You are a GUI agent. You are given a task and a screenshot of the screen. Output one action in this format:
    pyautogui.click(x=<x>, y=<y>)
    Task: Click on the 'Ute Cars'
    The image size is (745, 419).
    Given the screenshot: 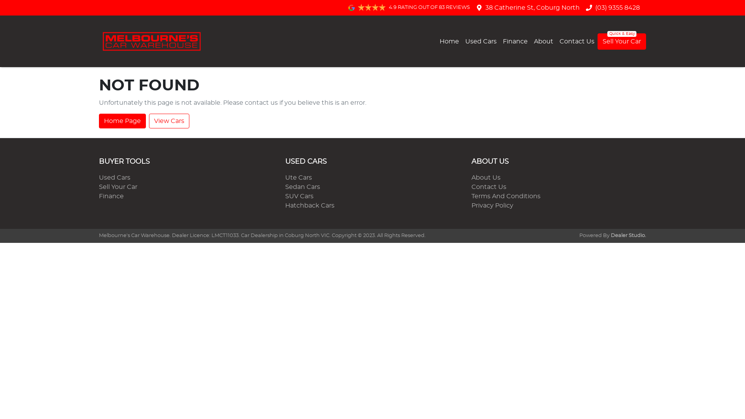 What is the action you would take?
    pyautogui.click(x=298, y=178)
    